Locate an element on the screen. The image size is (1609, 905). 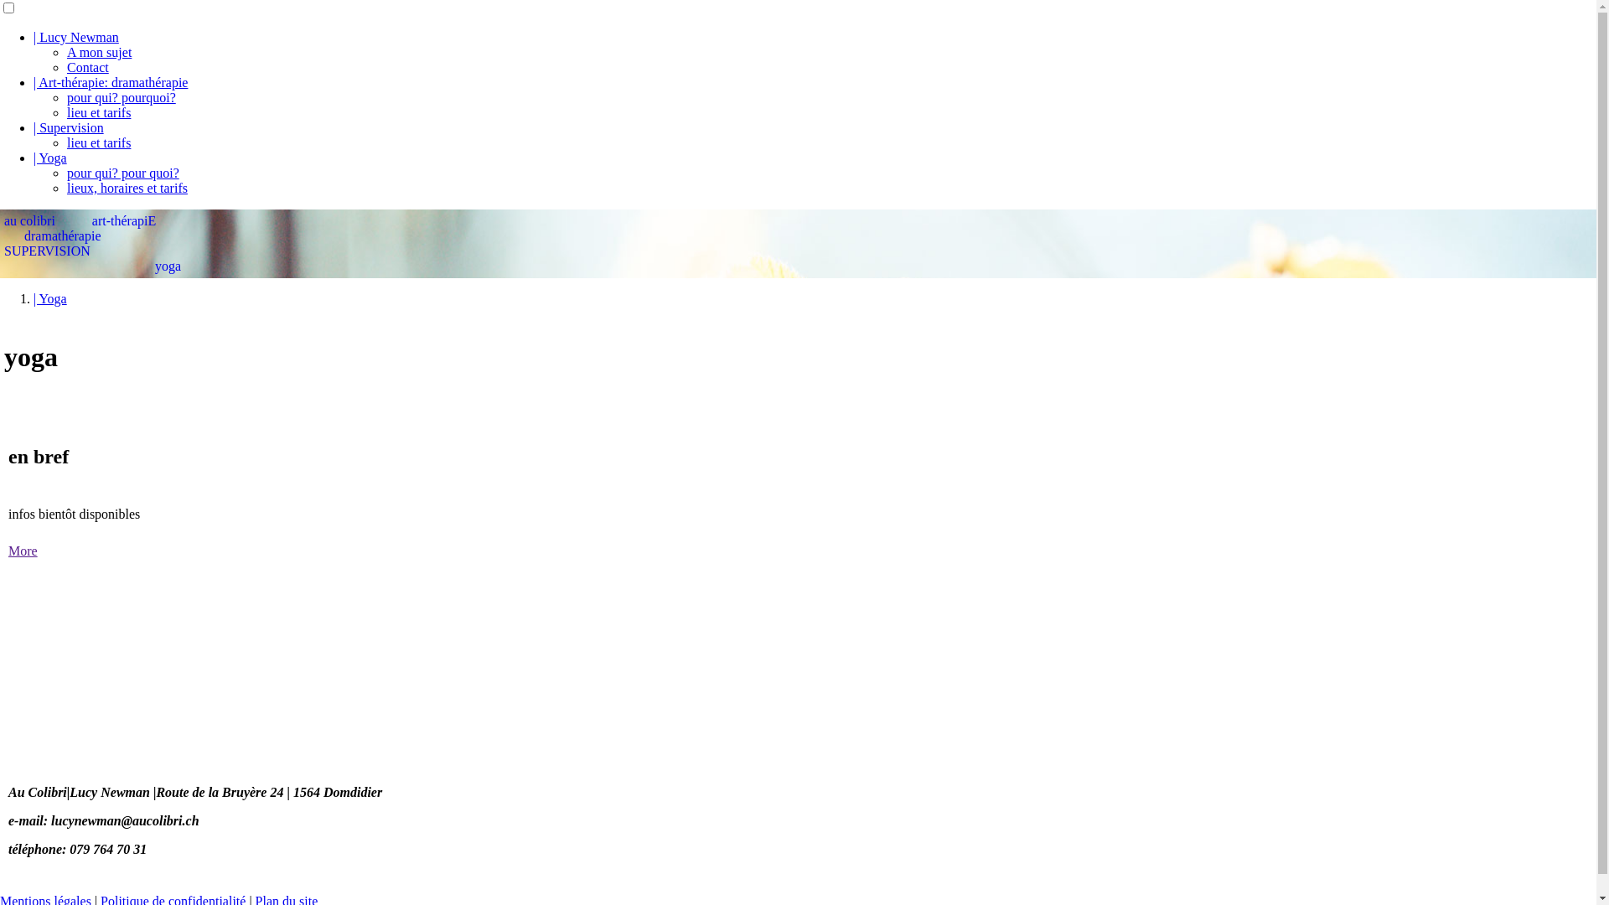
'| Lucy Newman' is located at coordinates (75, 37).